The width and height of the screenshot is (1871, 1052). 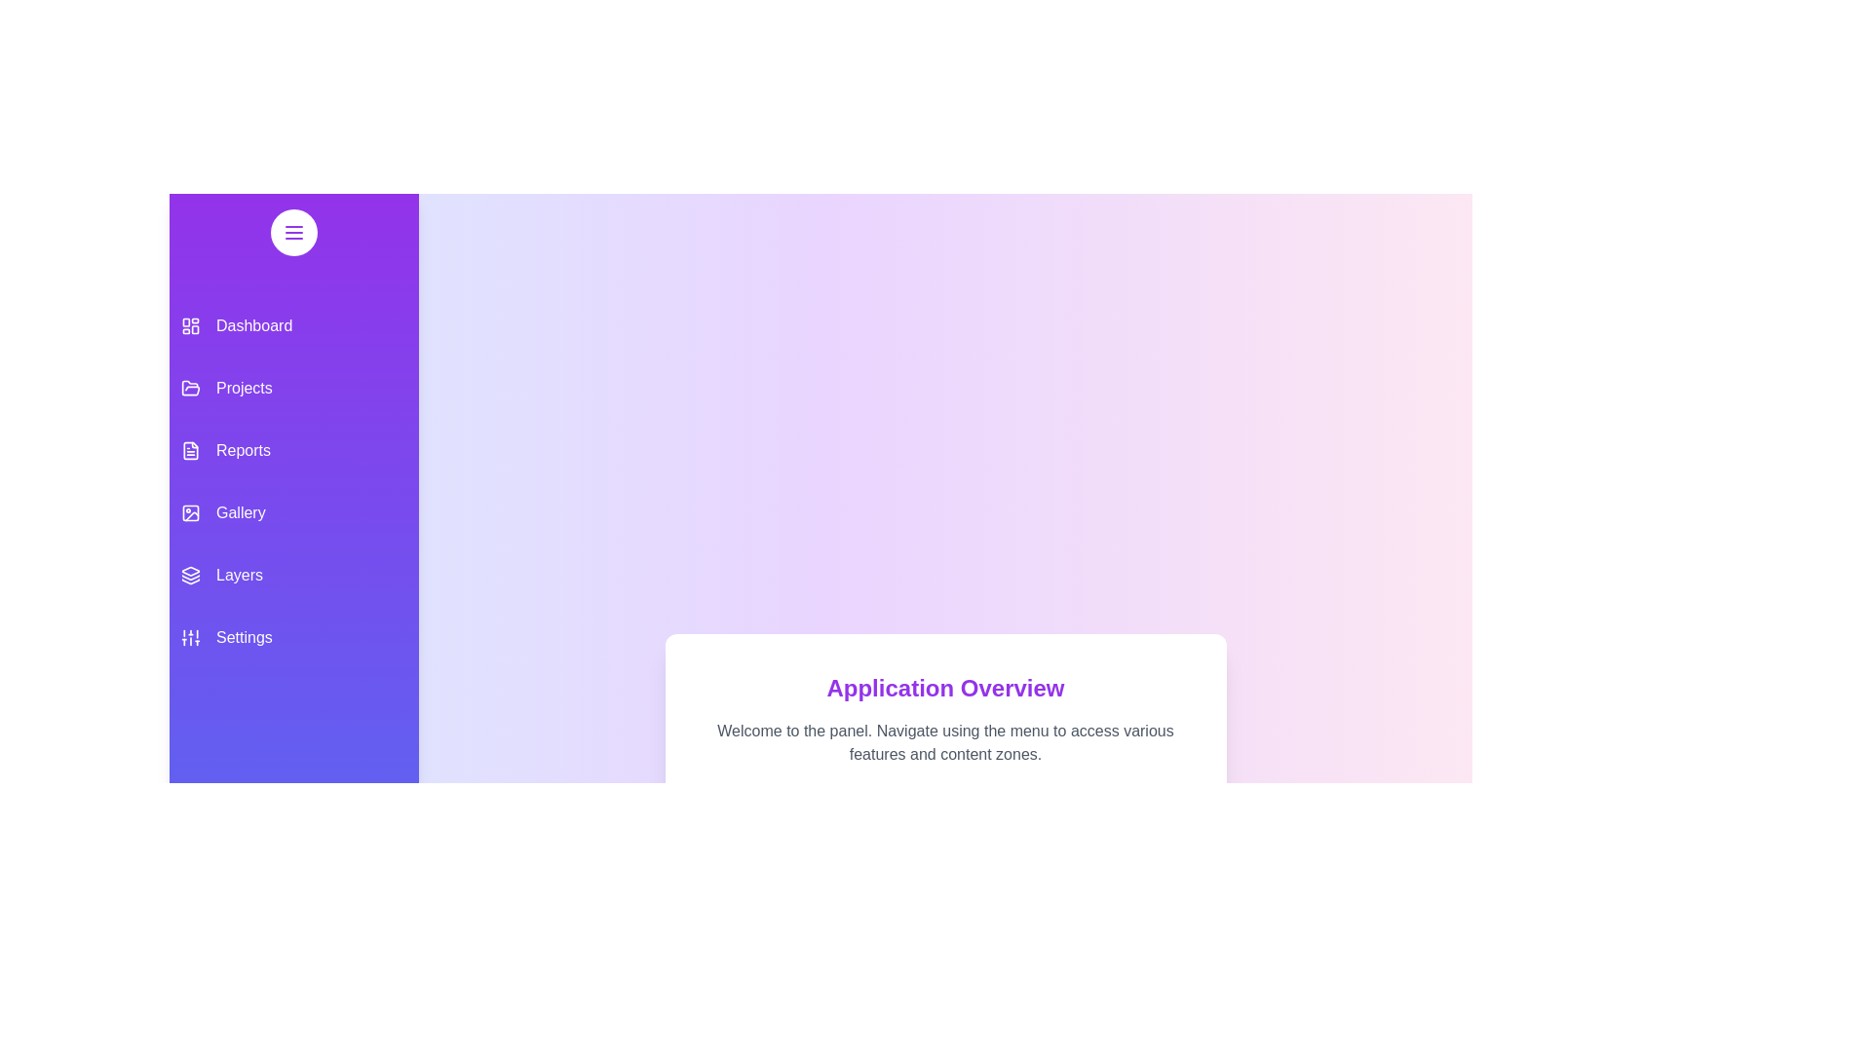 I want to click on the menu item Settings from the drawer to navigate to its respective section, so click(x=293, y=638).